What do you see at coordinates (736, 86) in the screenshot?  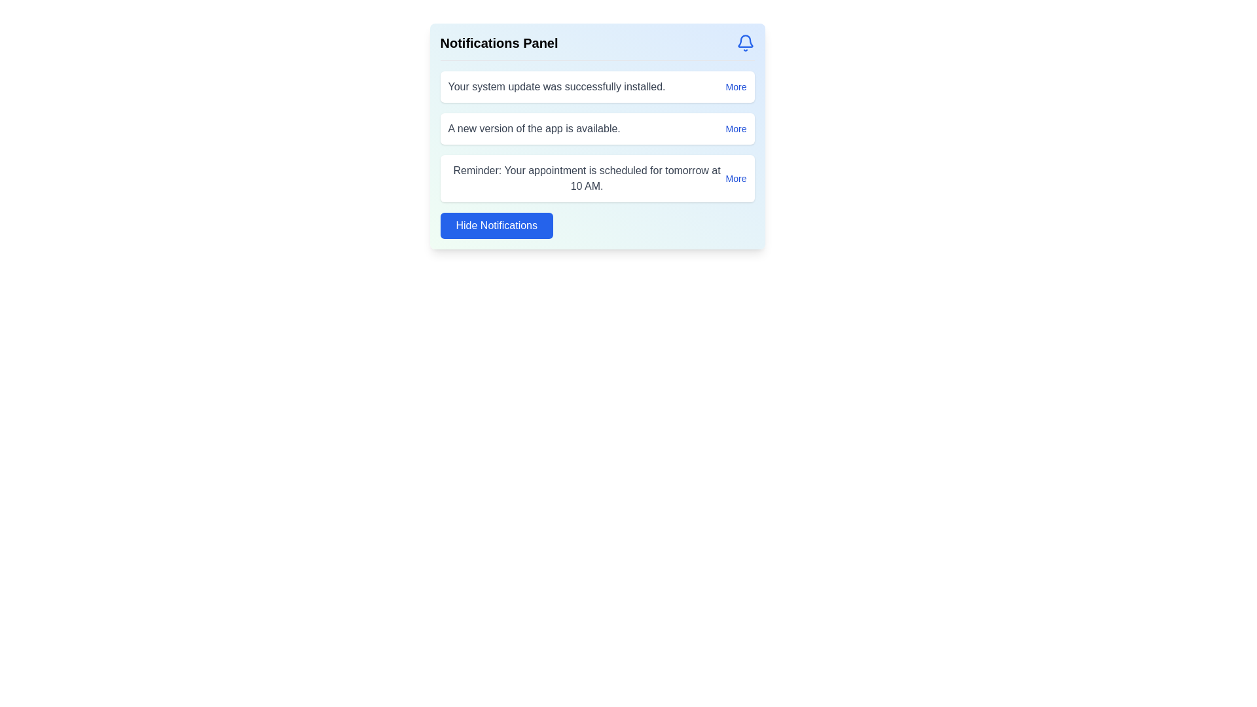 I see `the link located to the right of the notification message 'Your system update was successfully installed.' within the first notification card in the Notifications Panel` at bounding box center [736, 86].